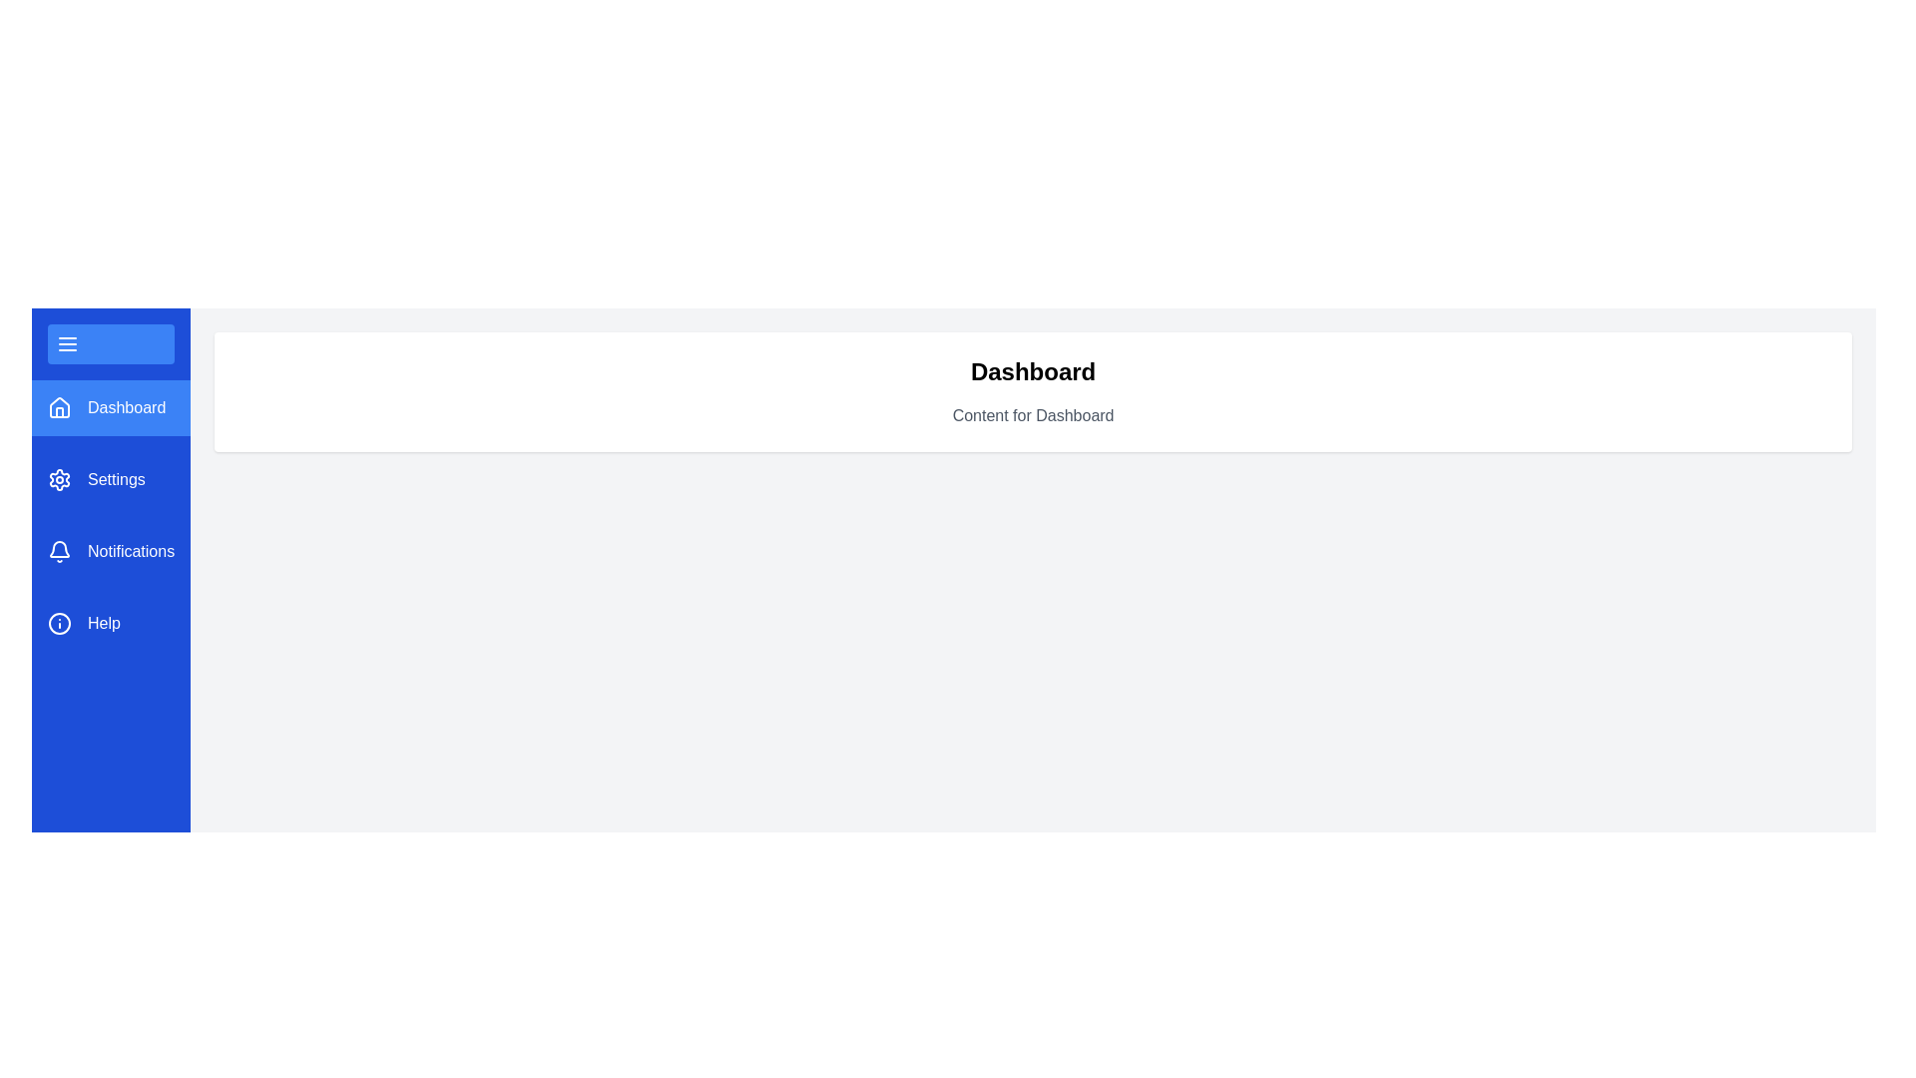 Image resolution: width=1916 pixels, height=1078 pixels. Describe the element at coordinates (110, 406) in the screenshot. I see `the Navigation Button with a blue background and 'Dashboard' text` at that location.